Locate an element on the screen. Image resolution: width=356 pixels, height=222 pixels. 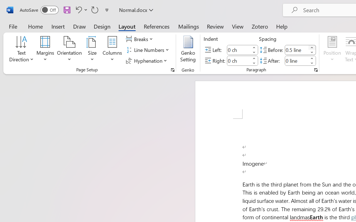
'Columns' is located at coordinates (112, 50).